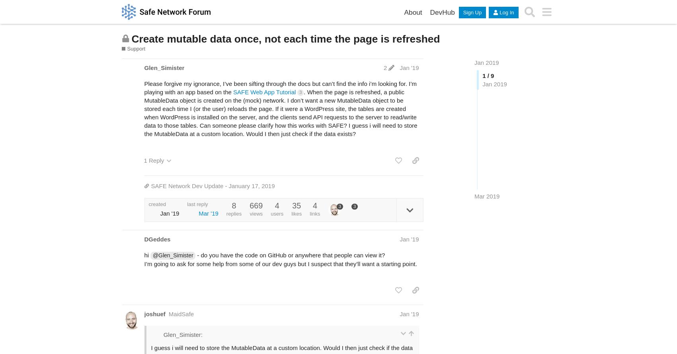 The height and width of the screenshot is (354, 677). I want to click on '669', so click(256, 206).